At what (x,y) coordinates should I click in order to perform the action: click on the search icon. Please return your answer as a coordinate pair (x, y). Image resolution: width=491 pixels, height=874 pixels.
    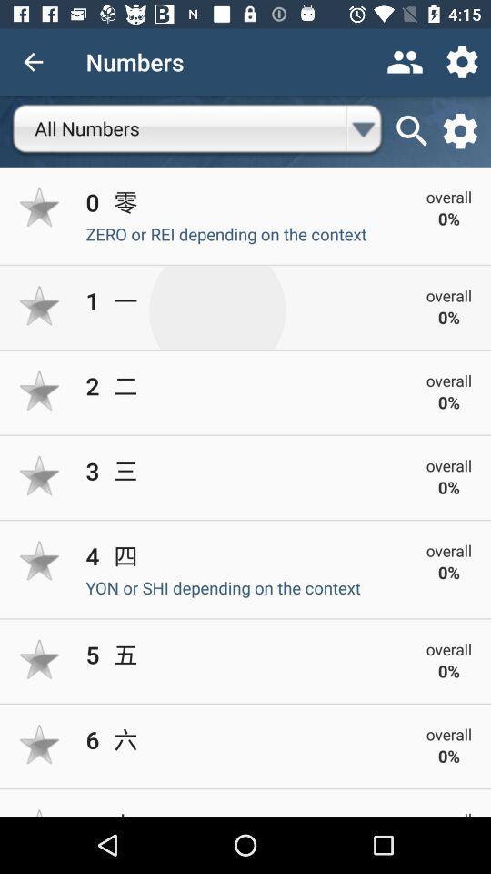
    Looking at the image, I should click on (412, 130).